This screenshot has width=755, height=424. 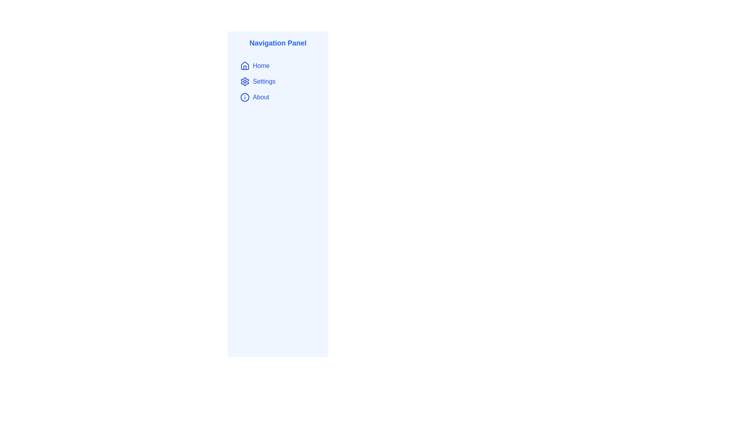 What do you see at coordinates (245, 65) in the screenshot?
I see `the house-shaped icon in the navigation menu, located to the left of the 'Home' text label` at bounding box center [245, 65].